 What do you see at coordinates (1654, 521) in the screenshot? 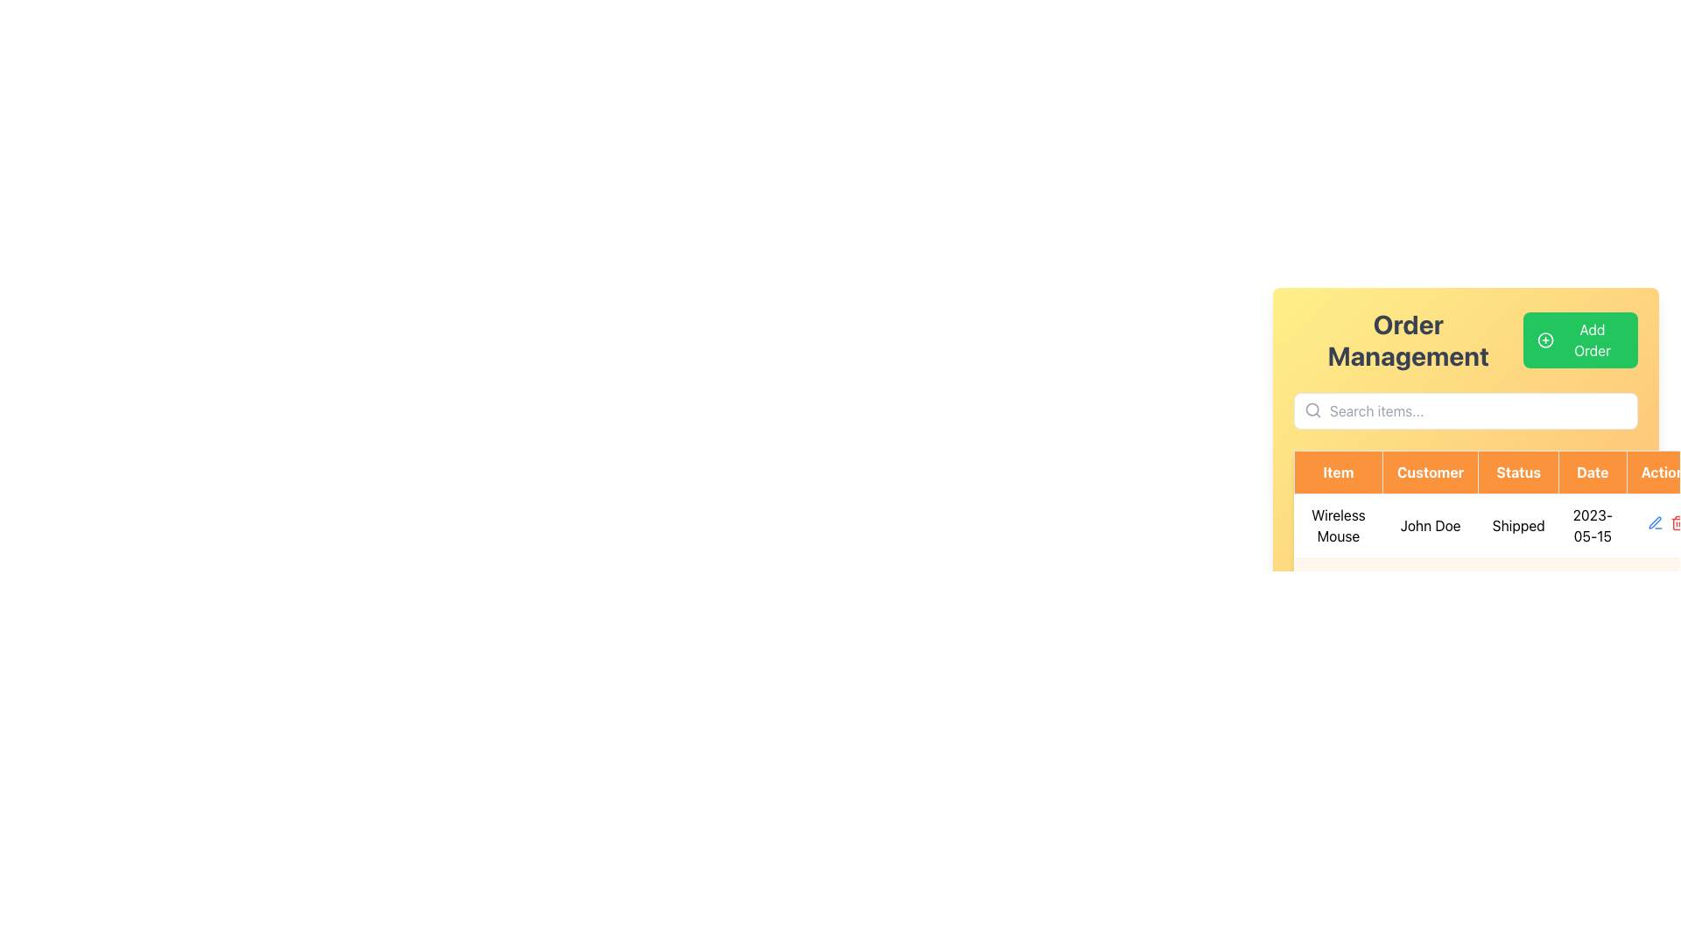
I see `the 'Edit' icon located in the 'Actions' column of the data table for the 'Wireless Mouse' entry to modify its details` at bounding box center [1654, 521].